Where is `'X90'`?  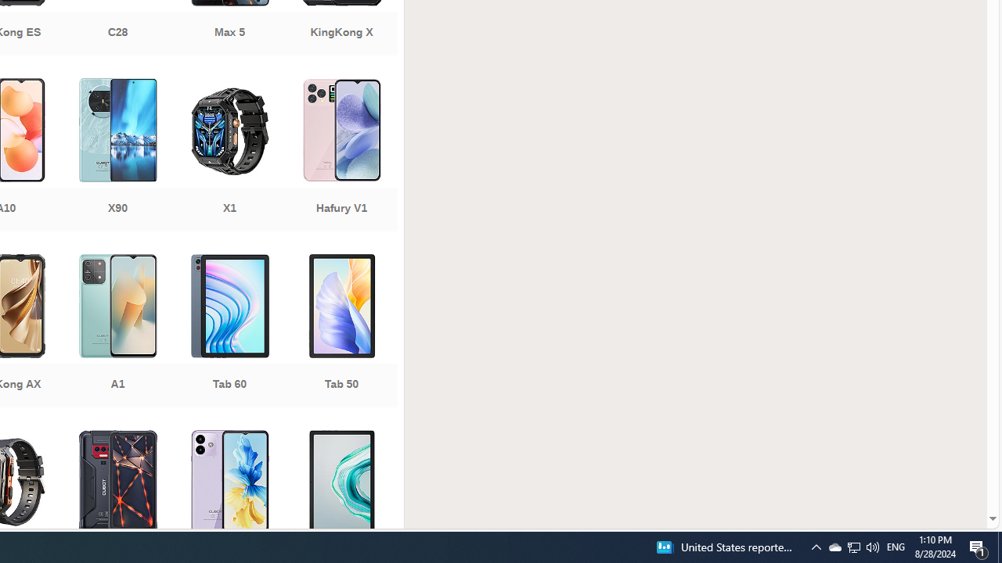
'X90' is located at coordinates (117, 156).